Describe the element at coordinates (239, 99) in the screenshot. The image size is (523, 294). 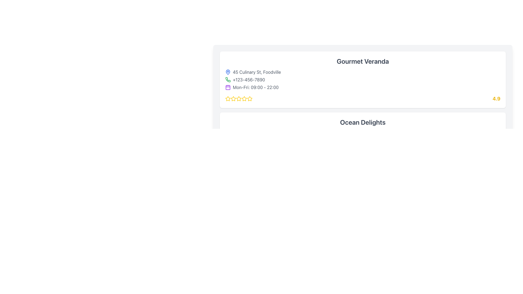
I see `the fourth yellow-outlined rating star icon` at that location.